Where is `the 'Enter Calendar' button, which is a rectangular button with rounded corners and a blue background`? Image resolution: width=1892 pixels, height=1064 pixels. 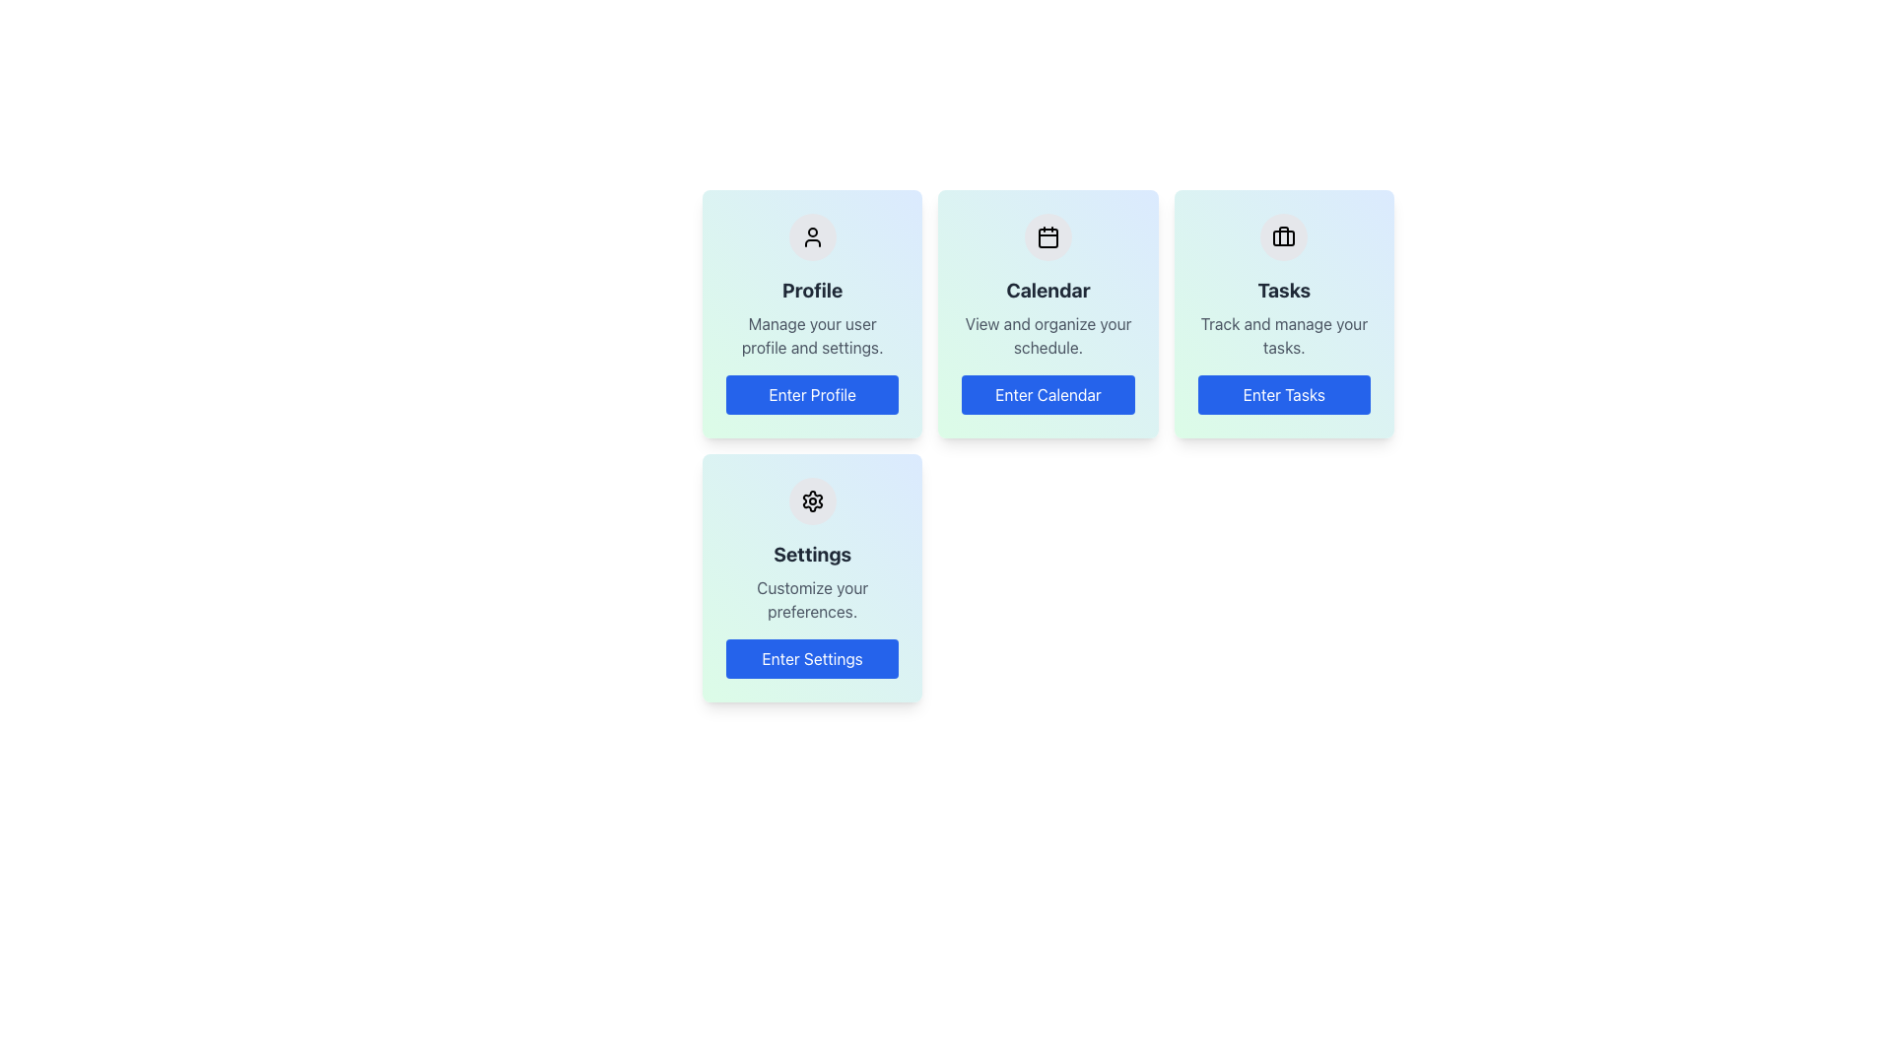 the 'Enter Calendar' button, which is a rectangular button with rounded corners and a blue background is located at coordinates (1047, 395).